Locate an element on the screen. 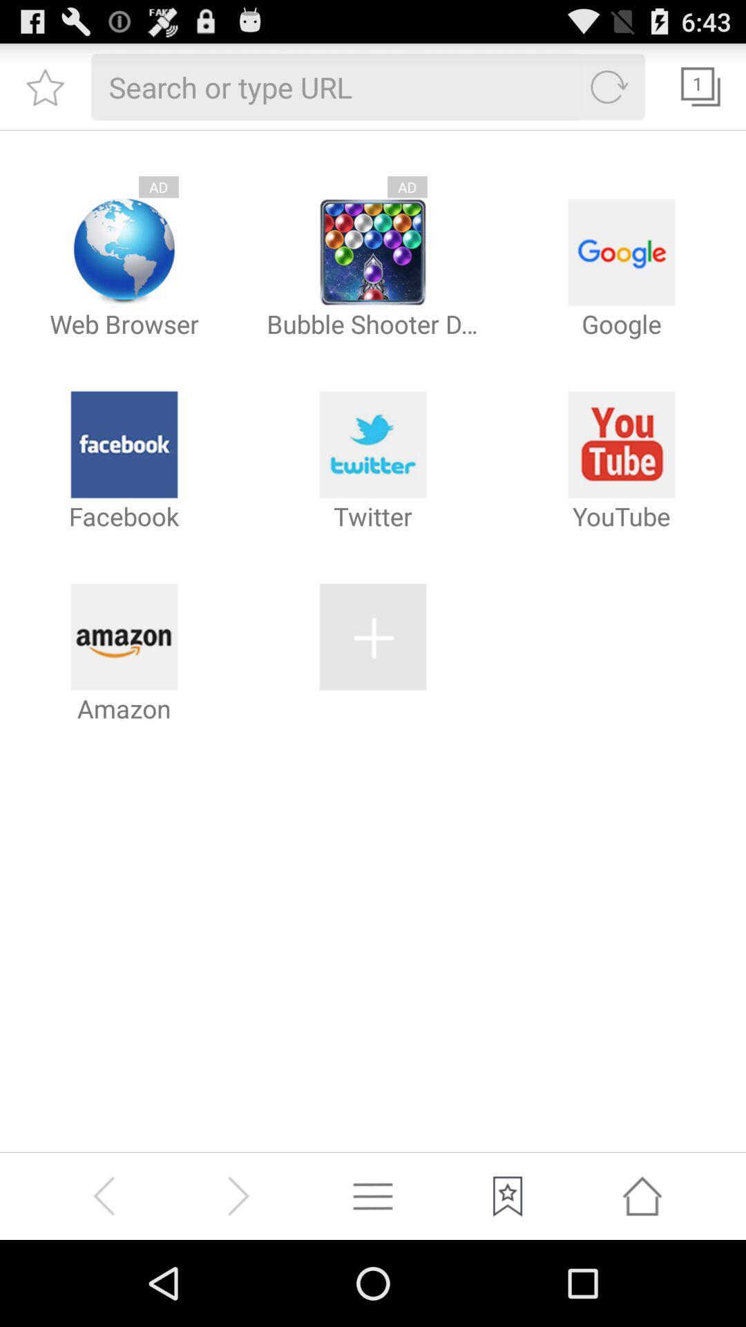 The image size is (746, 1327). the bookmark icon is located at coordinates (508, 1279).